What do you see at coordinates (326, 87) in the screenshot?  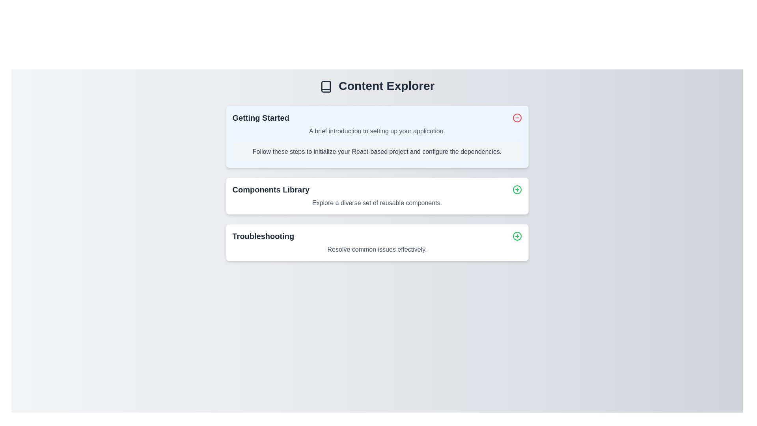 I see `the book icon located to the left of the 'Content Explorer' title, which features a dark outline and minimalistic design` at bounding box center [326, 87].